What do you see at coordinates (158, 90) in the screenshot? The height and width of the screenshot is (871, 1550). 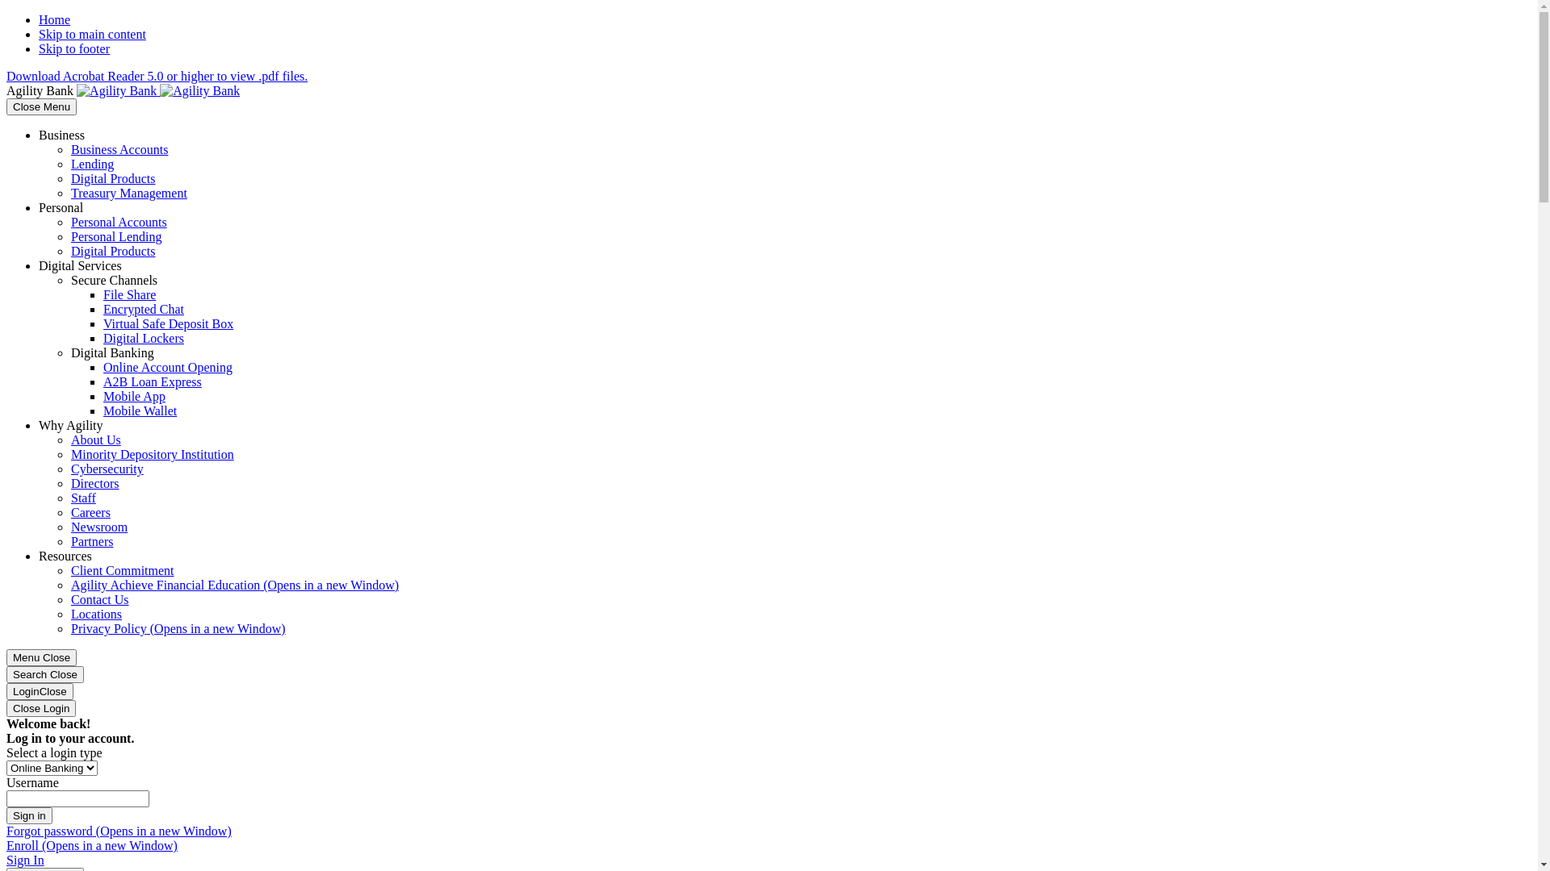 I see `'Agility Bank, Houston, TX'` at bounding box center [158, 90].